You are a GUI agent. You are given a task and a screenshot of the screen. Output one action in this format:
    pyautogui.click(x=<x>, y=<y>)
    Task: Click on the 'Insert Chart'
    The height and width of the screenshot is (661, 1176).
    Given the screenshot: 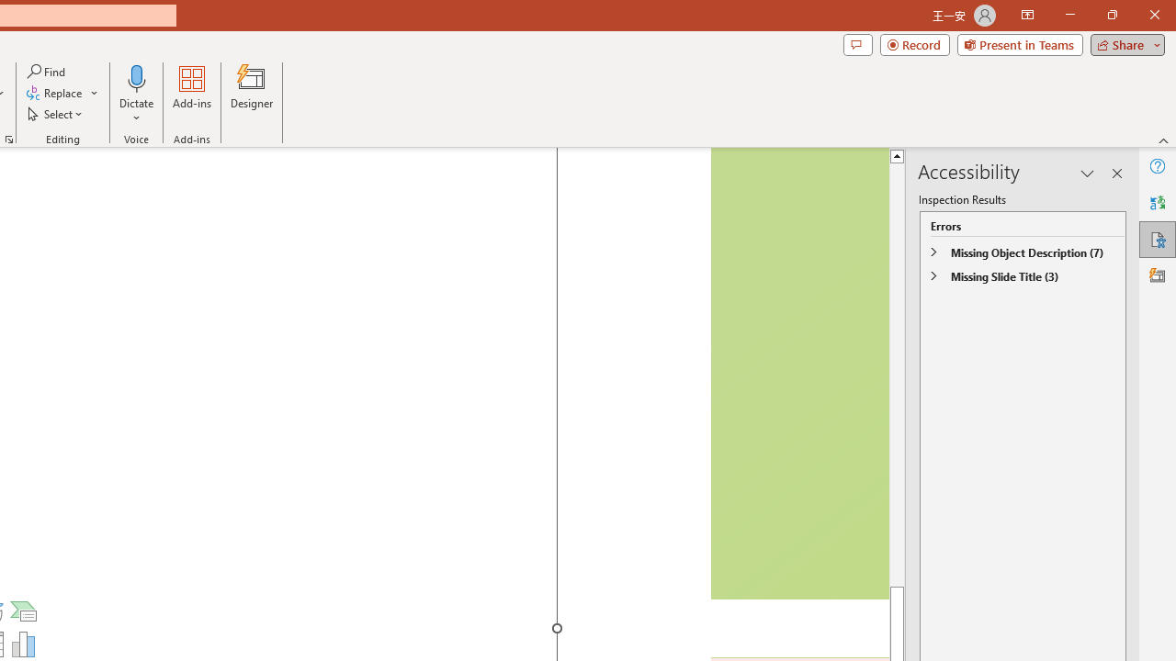 What is the action you would take?
    pyautogui.click(x=24, y=644)
    